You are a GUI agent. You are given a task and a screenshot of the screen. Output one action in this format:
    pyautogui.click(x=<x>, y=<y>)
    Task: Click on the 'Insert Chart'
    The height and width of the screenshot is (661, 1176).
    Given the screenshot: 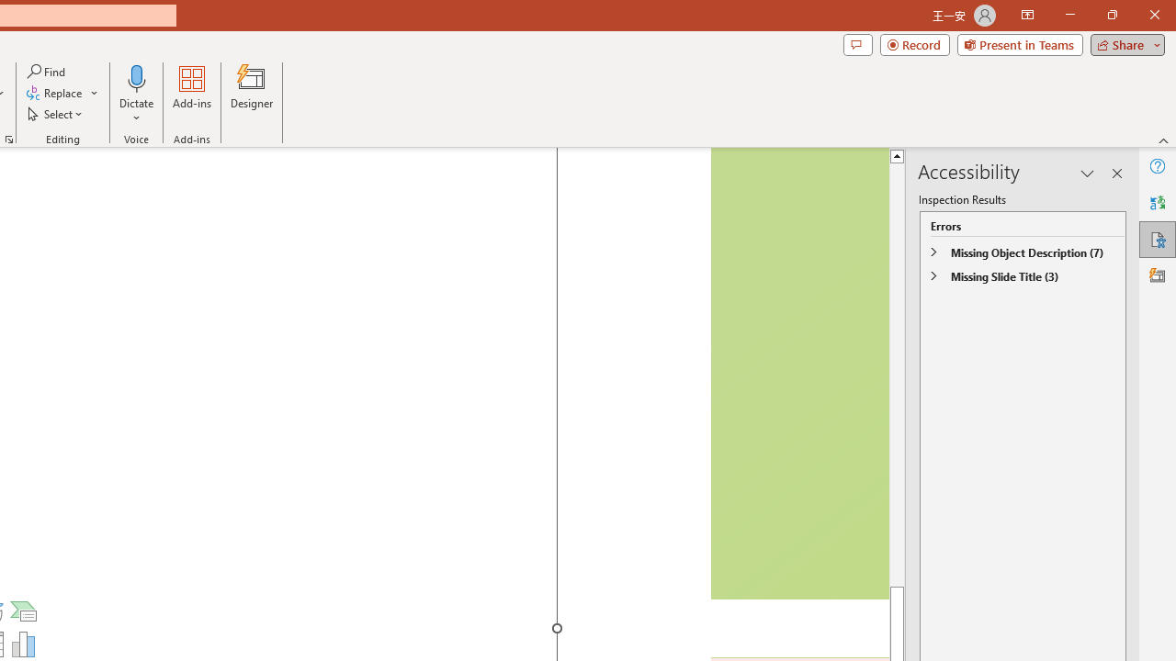 What is the action you would take?
    pyautogui.click(x=24, y=644)
    